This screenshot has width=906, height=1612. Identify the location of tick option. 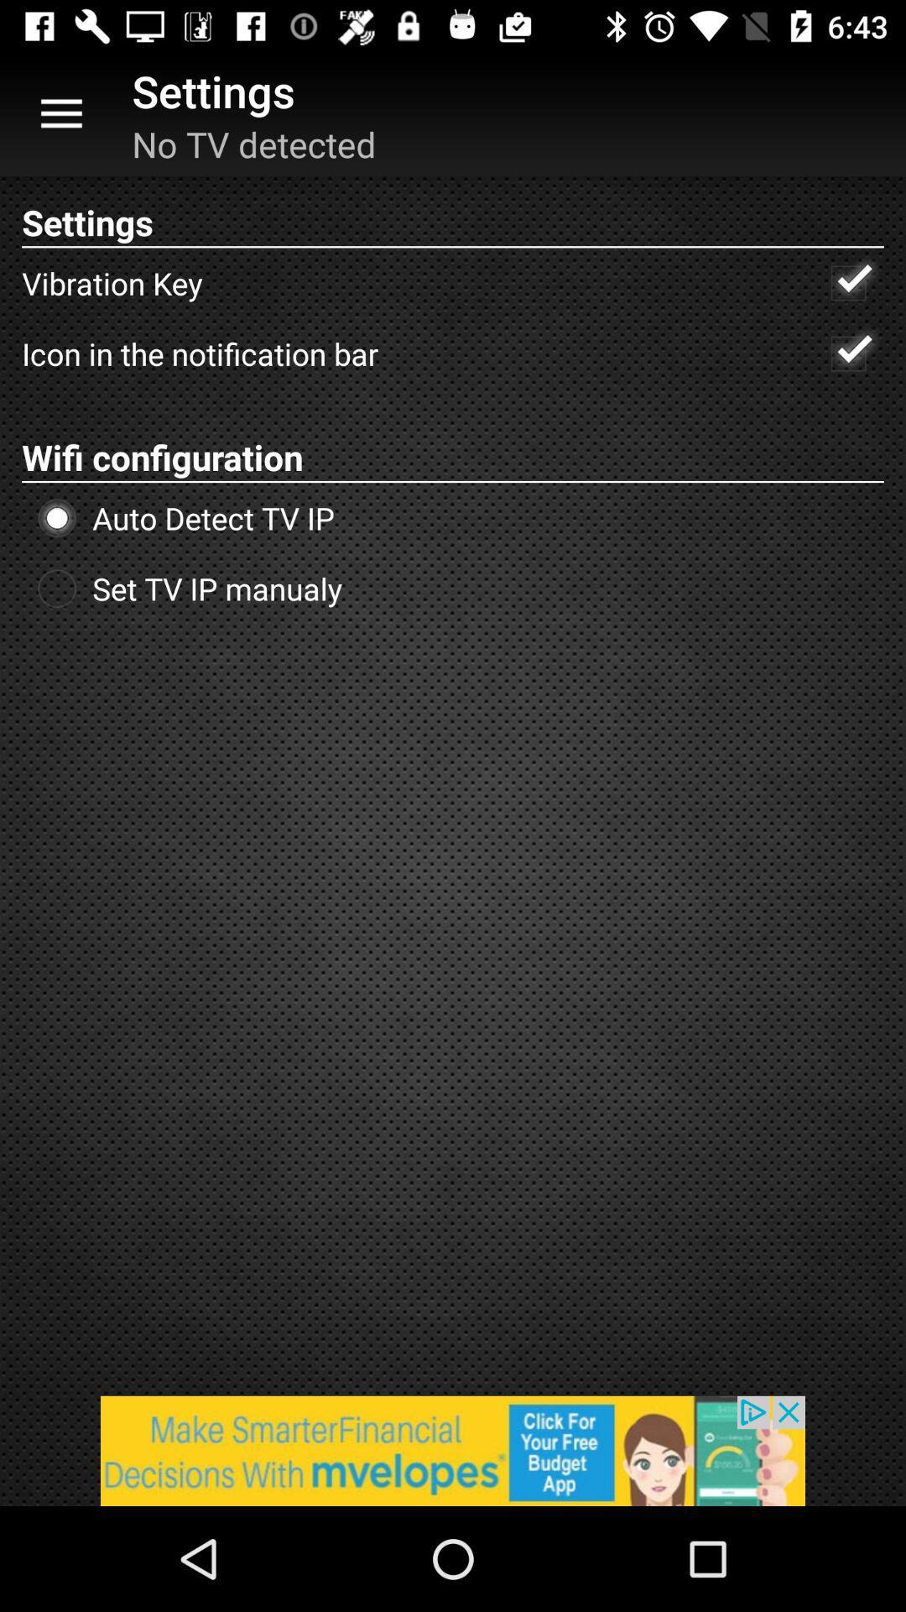
(848, 353).